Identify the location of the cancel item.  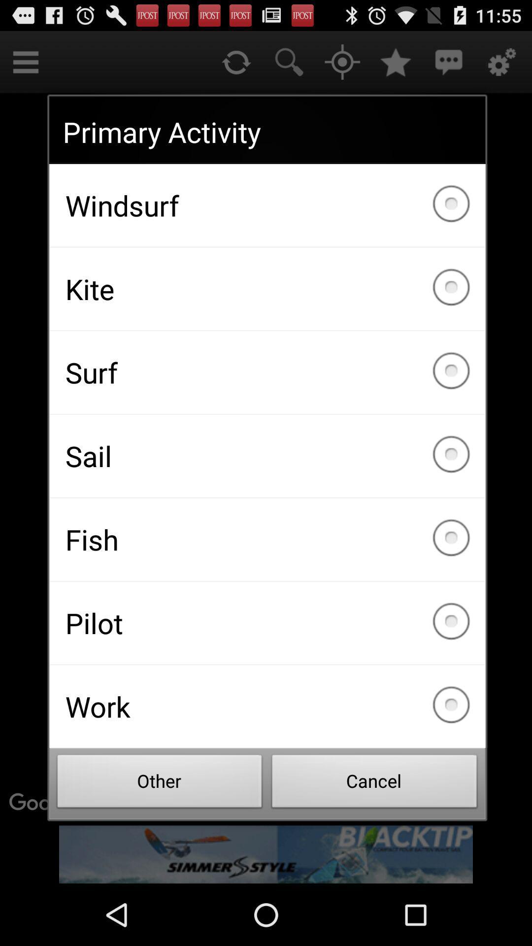
(374, 783).